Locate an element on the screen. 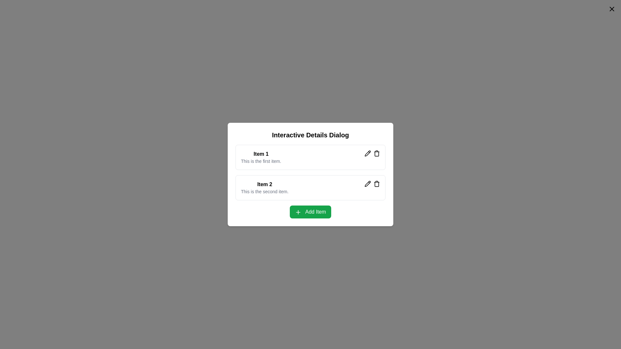 The height and width of the screenshot is (349, 621). the static text that reads 'This is the second item.' which is styled in light gray and located beneath the bold text 'Item 2' in the vertical list of the dialog interface is located at coordinates (265, 191).